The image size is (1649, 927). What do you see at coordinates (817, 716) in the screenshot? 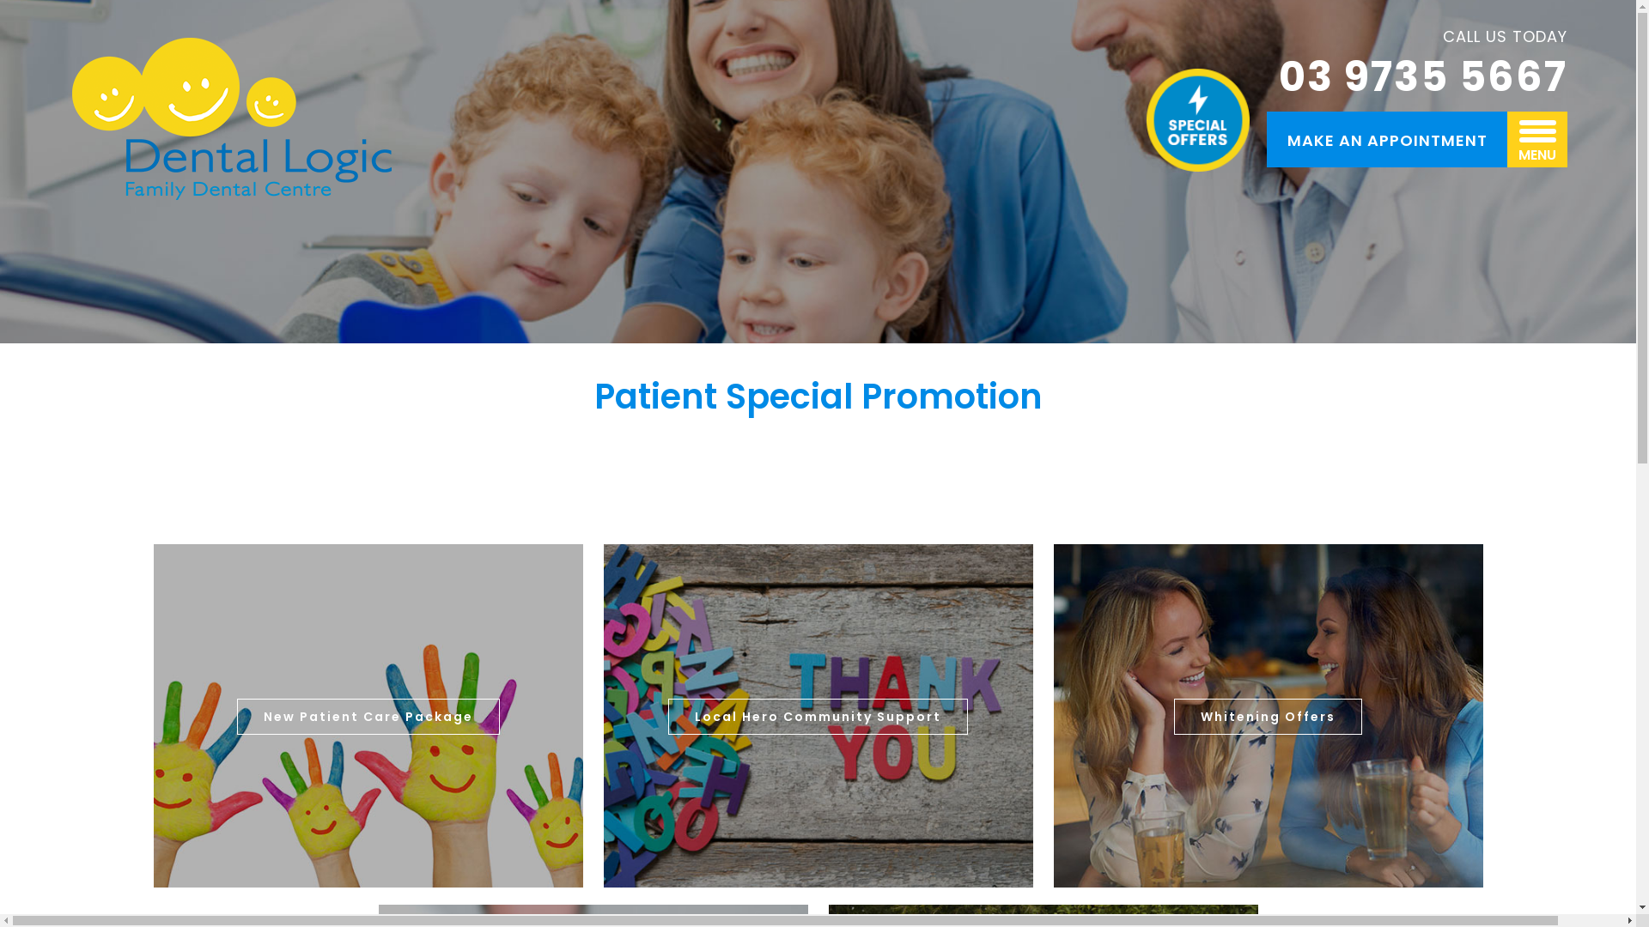
I see `'Local Hero Community Support'` at bounding box center [817, 716].